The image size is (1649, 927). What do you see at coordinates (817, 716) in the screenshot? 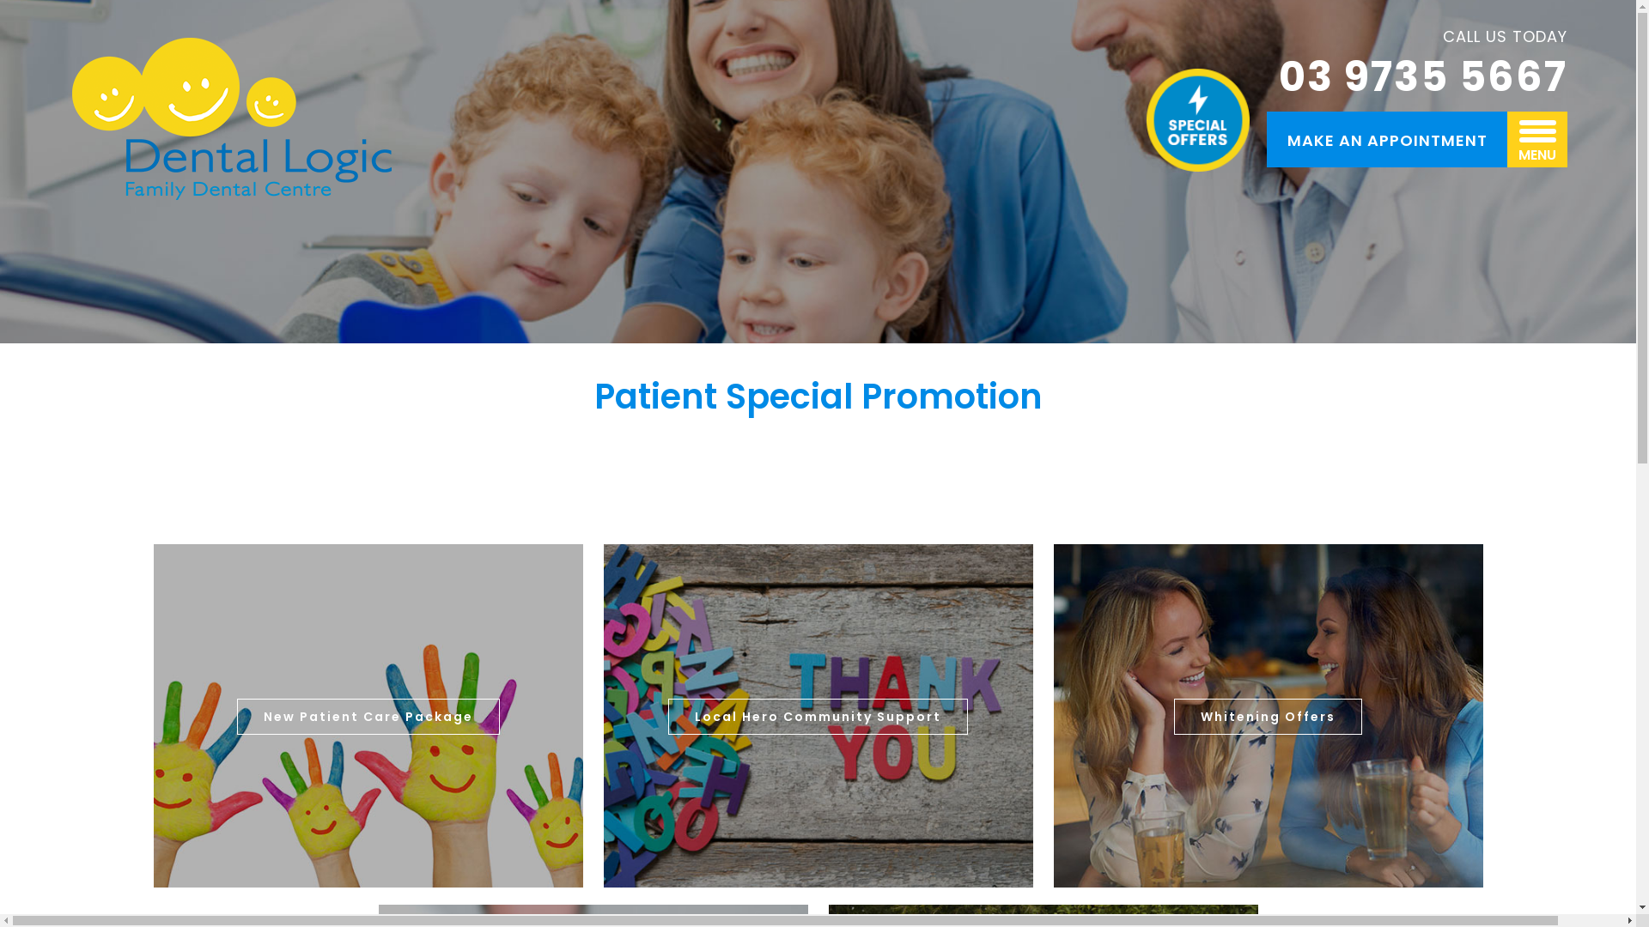
I see `'Local Hero Community Support'` at bounding box center [817, 716].